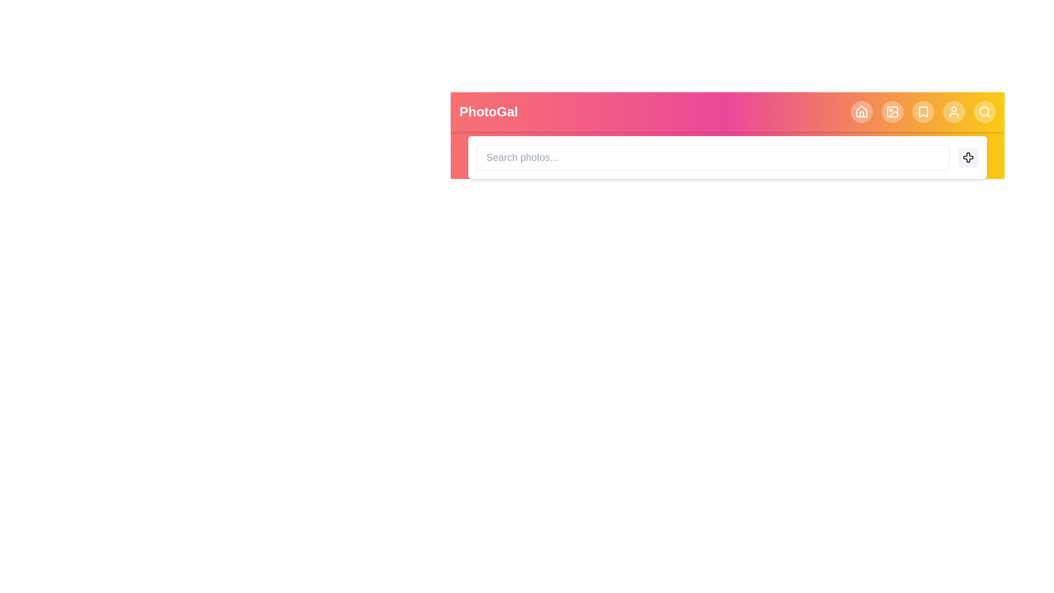  Describe the element at coordinates (861, 112) in the screenshot. I see `the header element corresponding to Home` at that location.